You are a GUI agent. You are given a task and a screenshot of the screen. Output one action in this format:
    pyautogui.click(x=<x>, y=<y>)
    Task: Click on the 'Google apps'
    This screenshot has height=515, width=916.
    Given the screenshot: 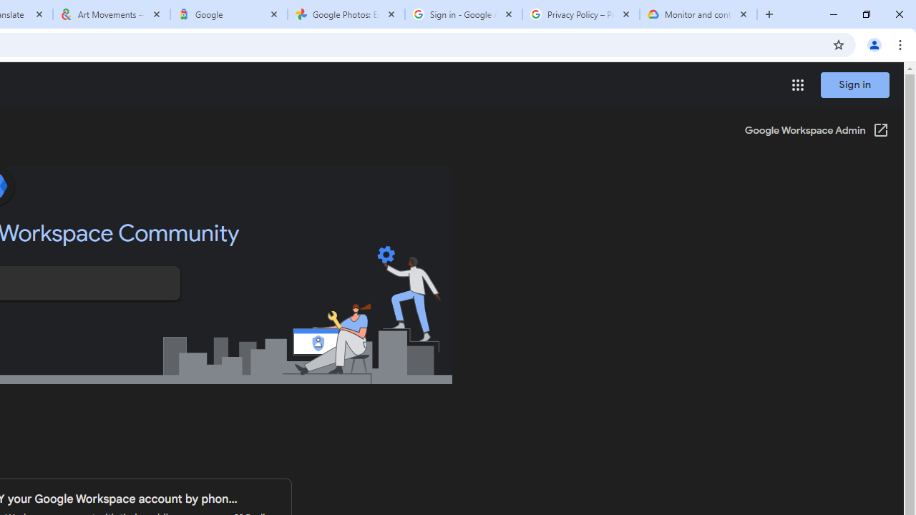 What is the action you would take?
    pyautogui.click(x=796, y=85)
    